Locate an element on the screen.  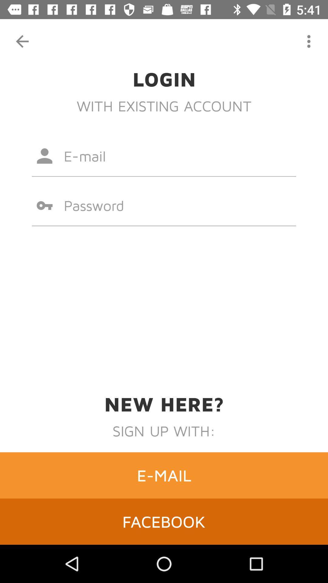
the icon below the sign up with: icon is located at coordinates (164, 475).